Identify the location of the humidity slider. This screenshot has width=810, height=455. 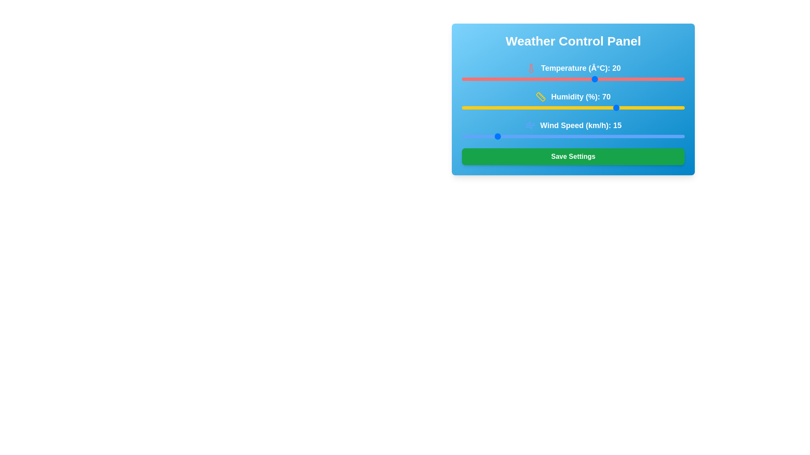
(482, 107).